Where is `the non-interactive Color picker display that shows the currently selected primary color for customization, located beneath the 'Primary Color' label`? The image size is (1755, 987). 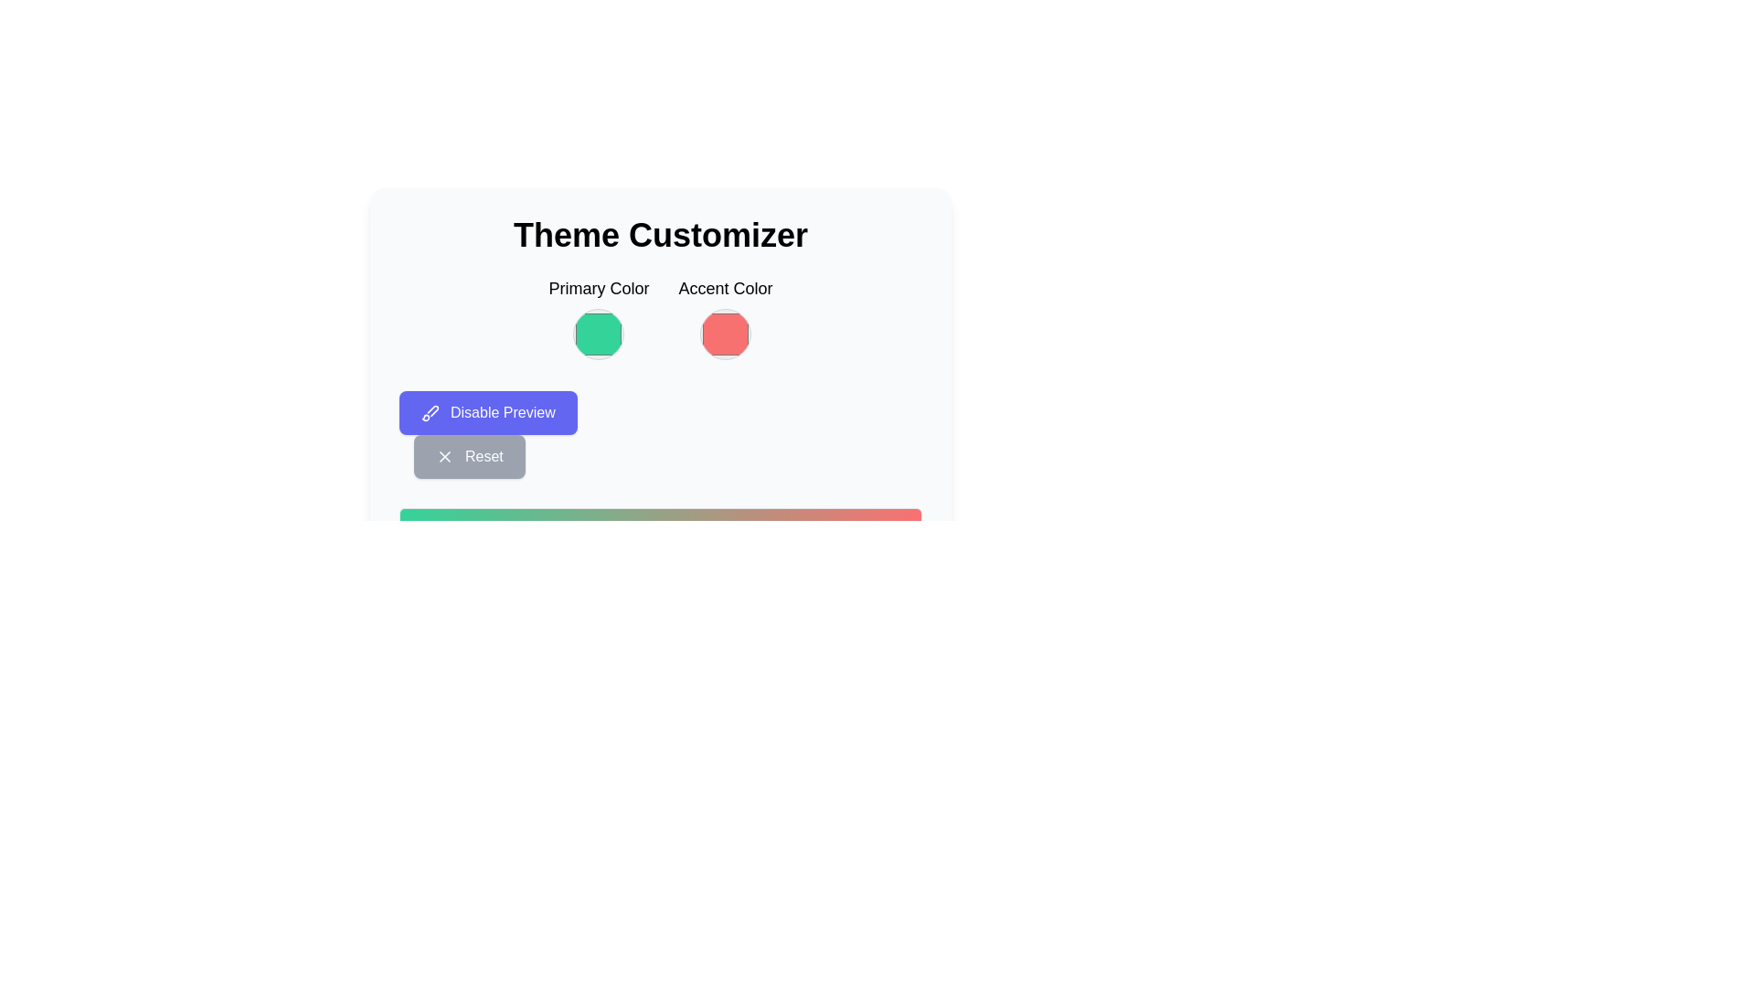 the non-interactive Color picker display that shows the currently selected primary color for customization, located beneath the 'Primary Color' label is located at coordinates (599, 317).